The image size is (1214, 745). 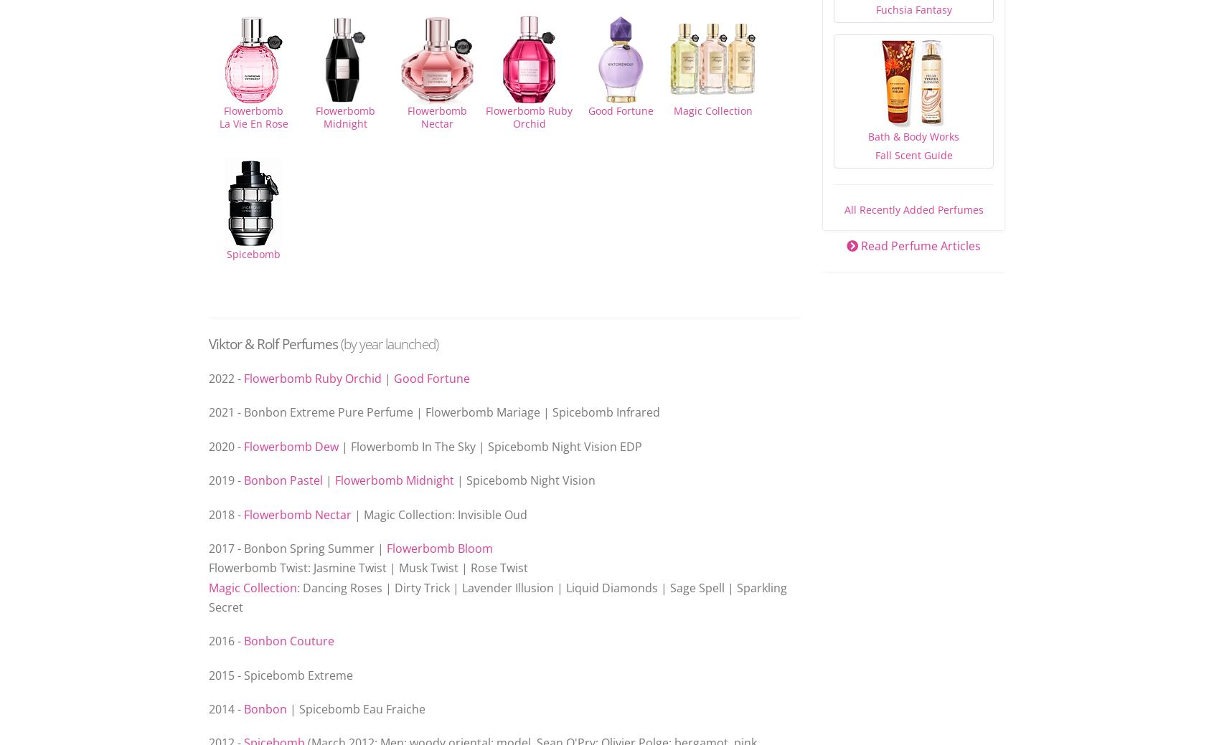 What do you see at coordinates (208, 596) in the screenshot?
I see `': Dancing Roses | Dirty Trick | Lavender Illusion | Liquid Diamonds | Sage Spell | Sparkling Secret'` at bounding box center [208, 596].